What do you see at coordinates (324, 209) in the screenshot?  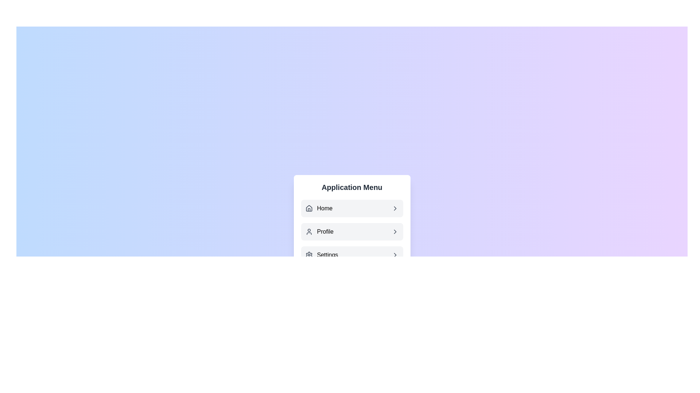 I see `the 'Home' text label in the application menu` at bounding box center [324, 209].